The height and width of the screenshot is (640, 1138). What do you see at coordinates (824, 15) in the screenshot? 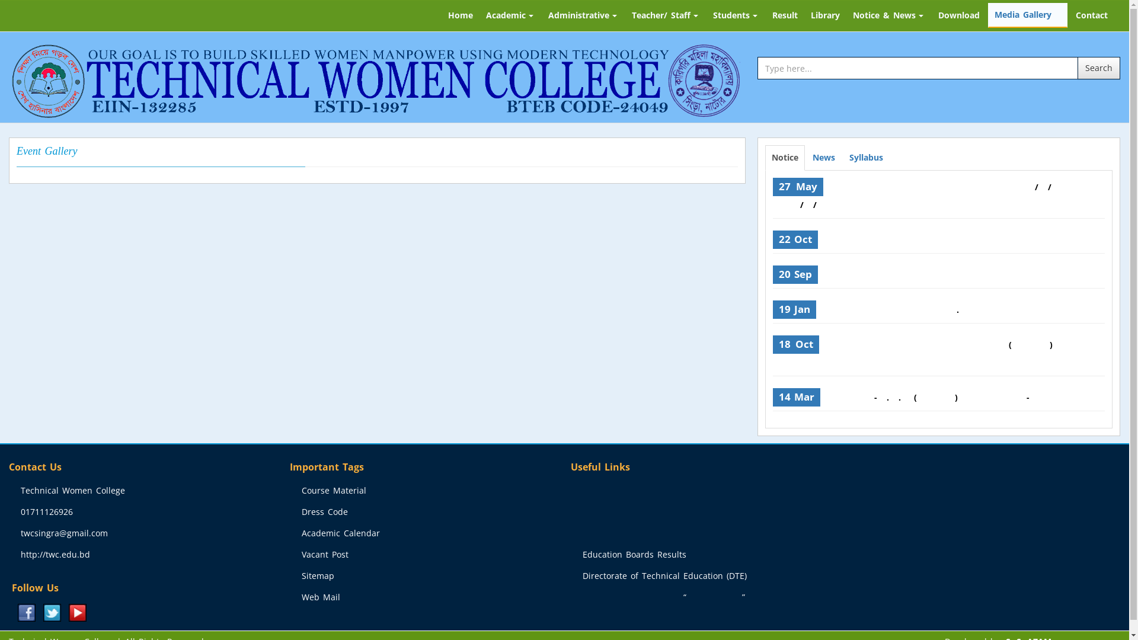
I see `'Library'` at bounding box center [824, 15].